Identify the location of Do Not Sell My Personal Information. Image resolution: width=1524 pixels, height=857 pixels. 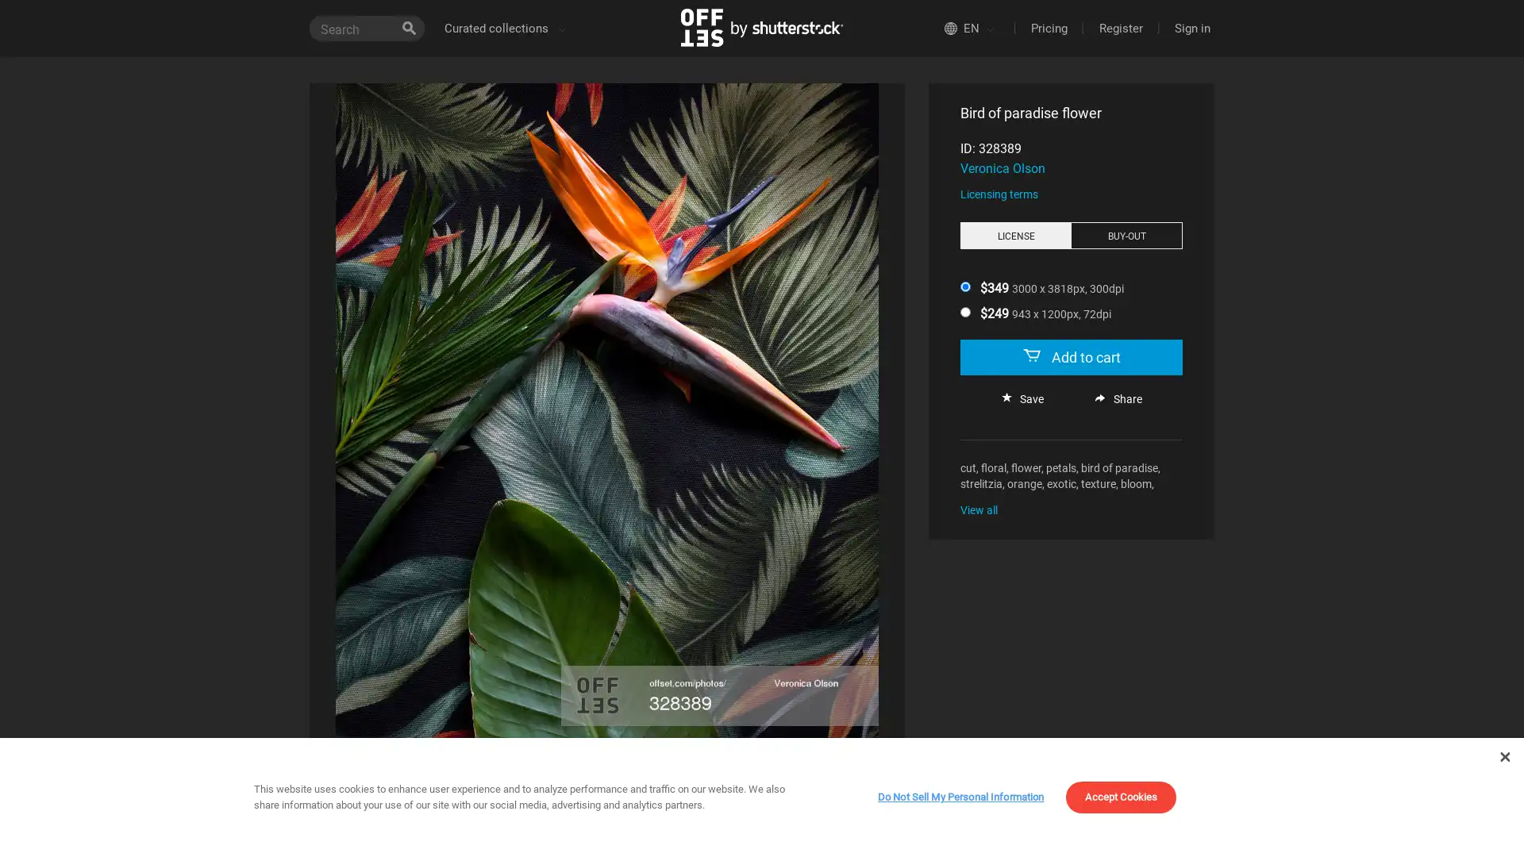
(959, 797).